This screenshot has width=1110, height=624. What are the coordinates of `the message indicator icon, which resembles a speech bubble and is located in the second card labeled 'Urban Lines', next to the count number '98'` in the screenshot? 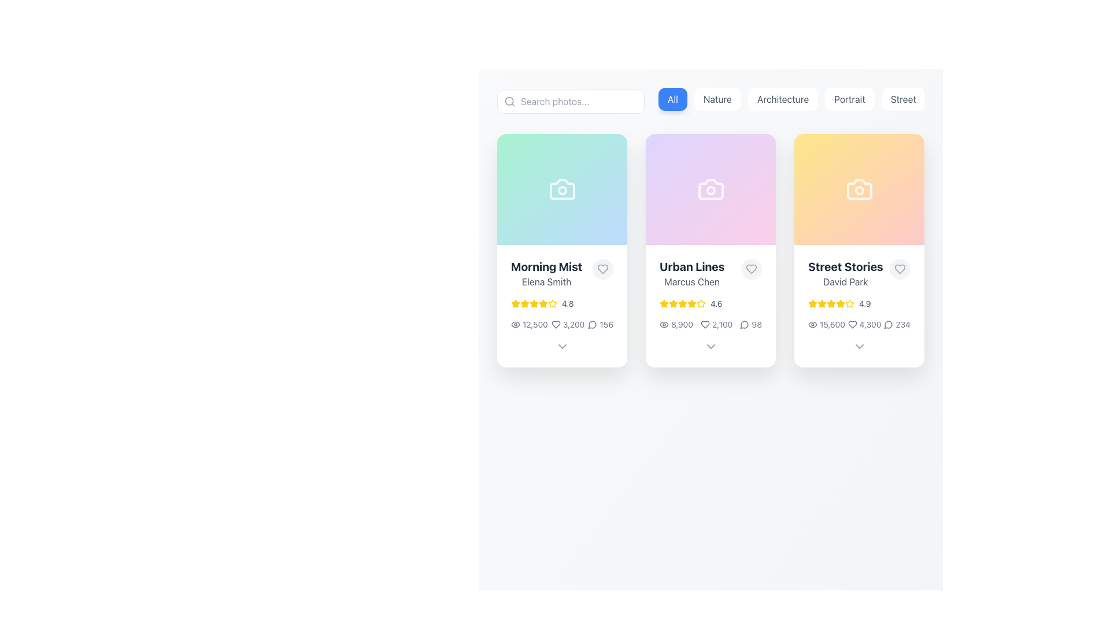 It's located at (745, 325).